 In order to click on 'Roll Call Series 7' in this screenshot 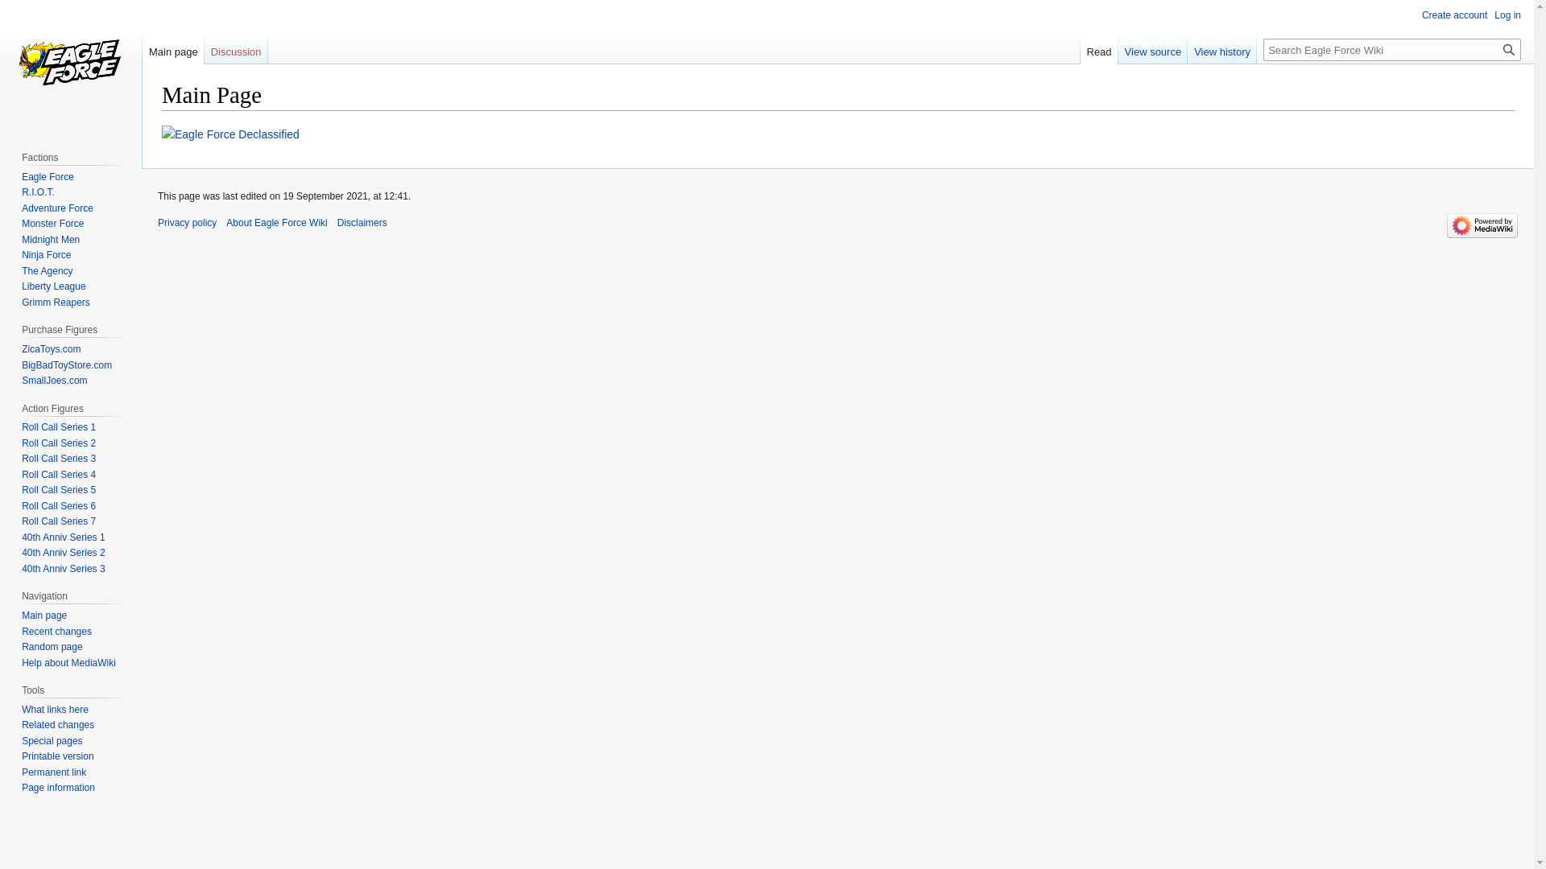, I will do `click(58, 521)`.